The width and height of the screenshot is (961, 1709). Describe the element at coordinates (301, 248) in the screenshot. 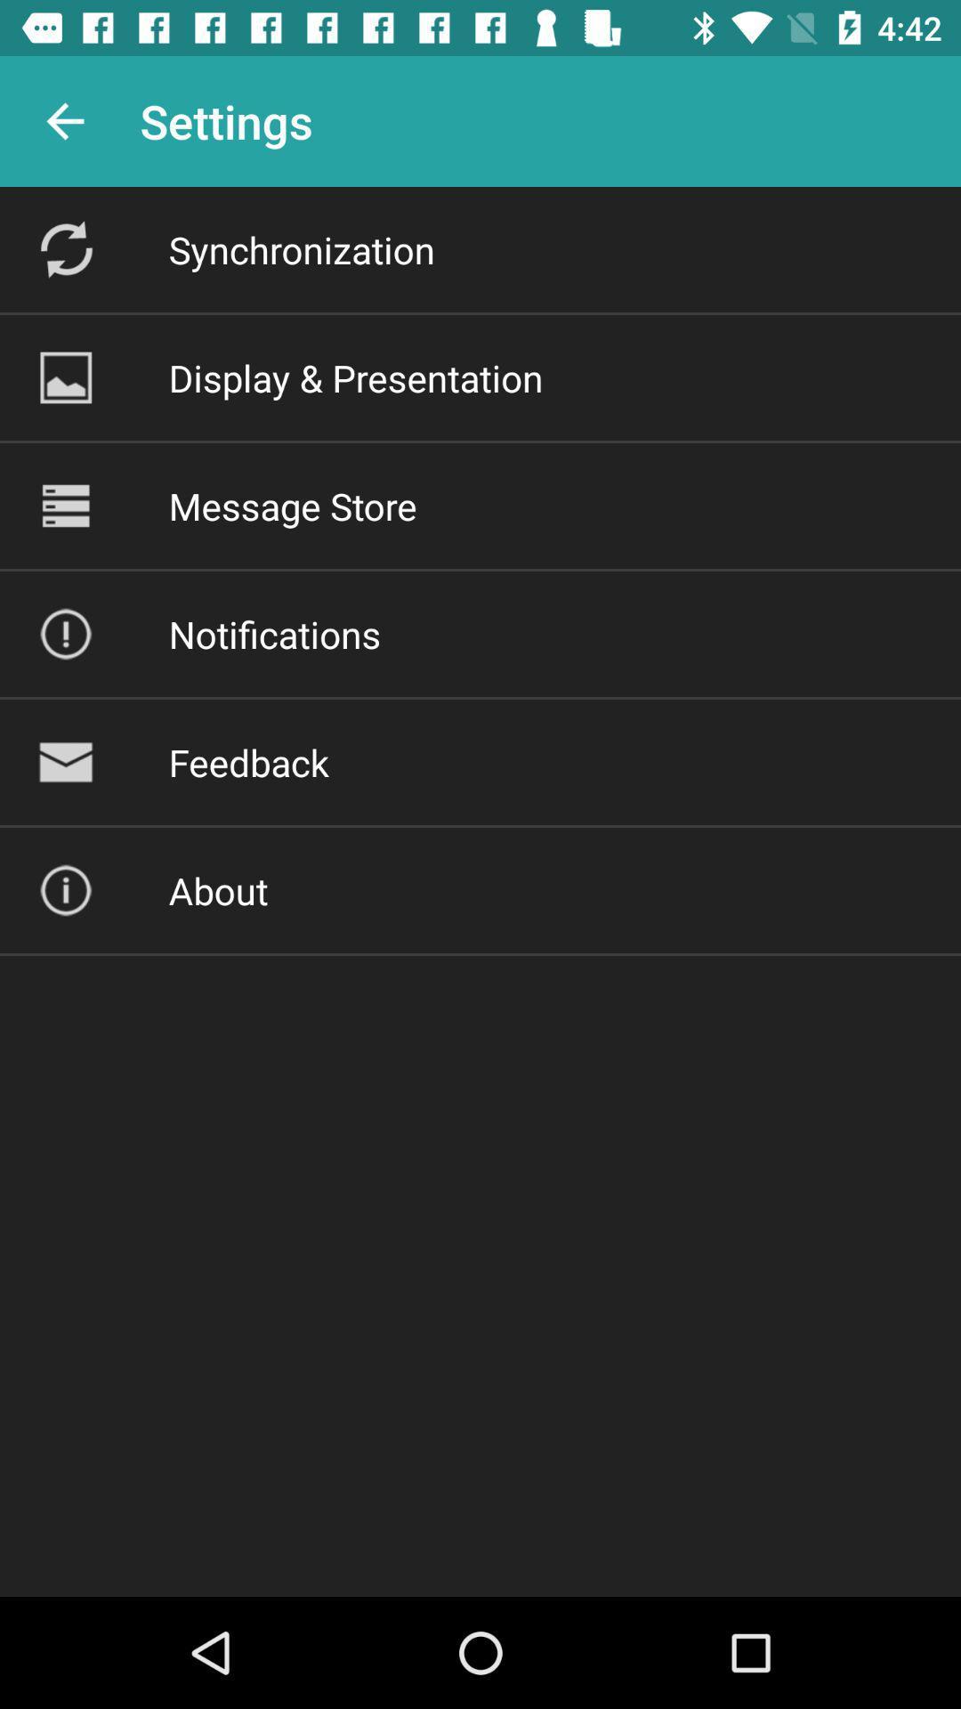

I see `the item above display & presentation item` at that location.